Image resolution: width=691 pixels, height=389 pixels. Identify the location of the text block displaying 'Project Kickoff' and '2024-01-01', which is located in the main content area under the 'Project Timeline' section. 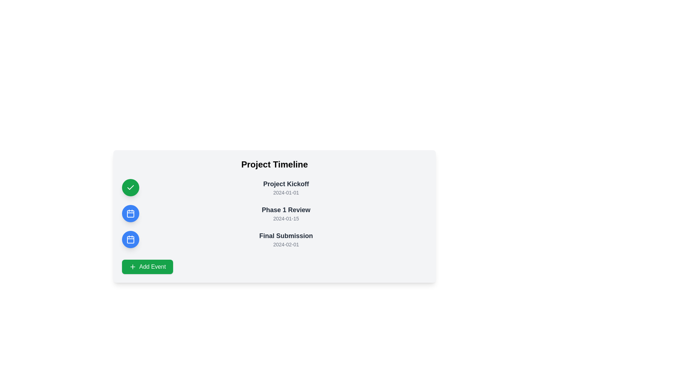
(286, 187).